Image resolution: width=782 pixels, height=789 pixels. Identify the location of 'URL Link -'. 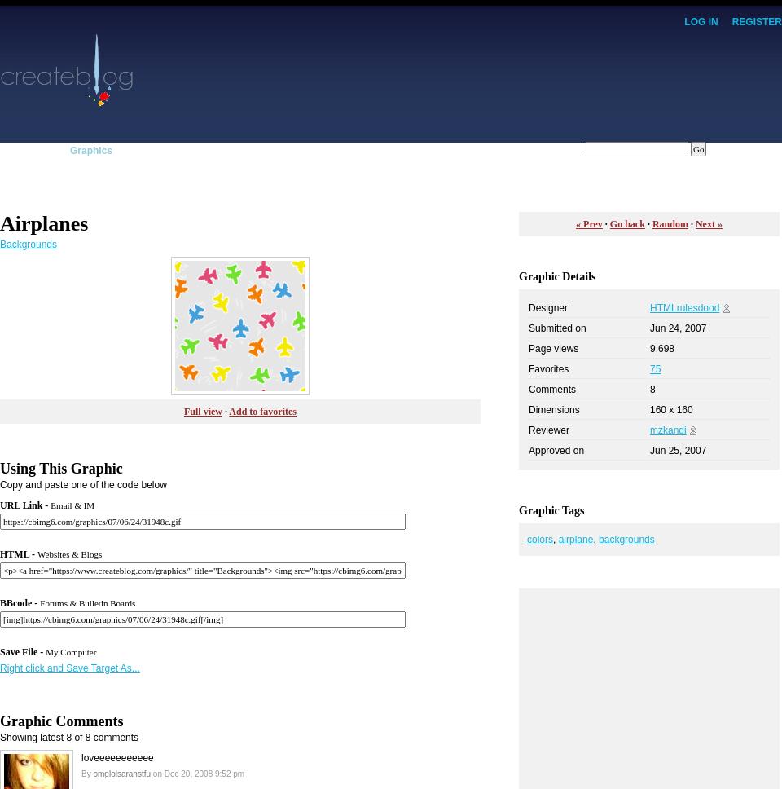
(24, 505).